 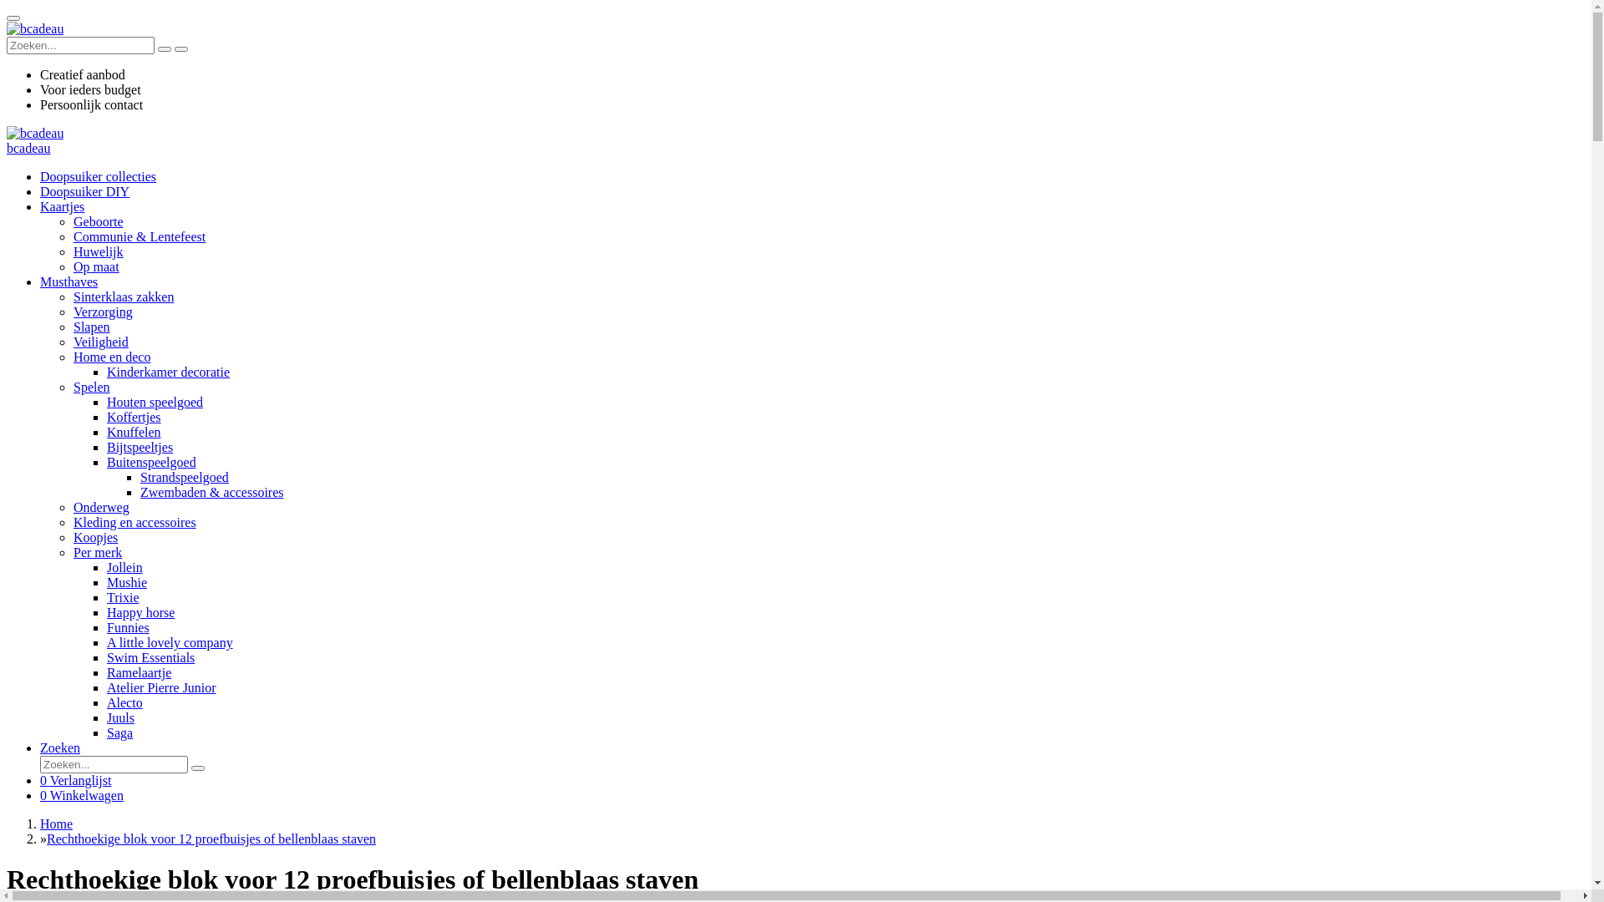 I want to click on 'Spelen', so click(x=91, y=387).